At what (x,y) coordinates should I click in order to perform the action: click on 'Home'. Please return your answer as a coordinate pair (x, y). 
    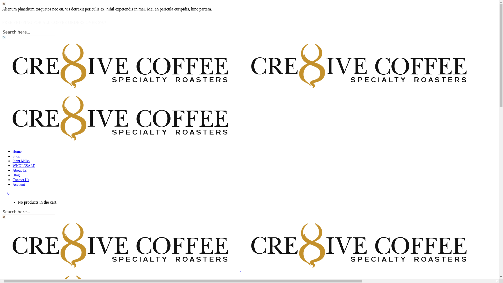
    Looking at the image, I should click on (17, 151).